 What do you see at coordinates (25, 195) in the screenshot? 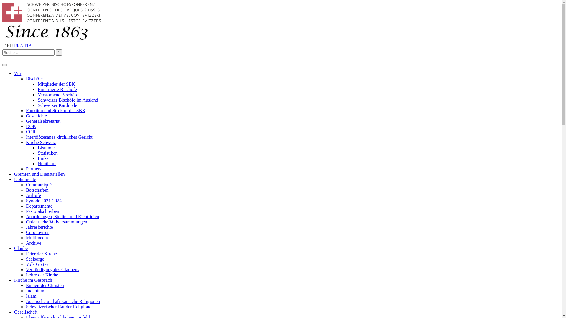
I see `'Aufrufe'` at bounding box center [25, 195].